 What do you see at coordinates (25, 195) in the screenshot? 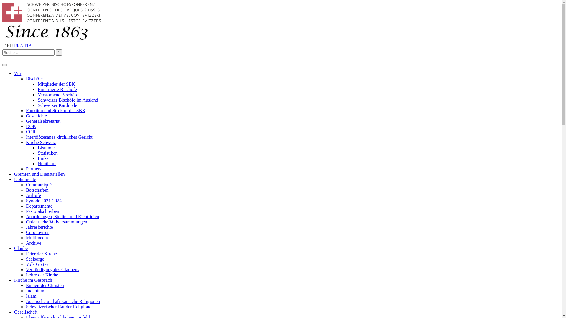
I see `'Aufrufe'` at bounding box center [25, 195].